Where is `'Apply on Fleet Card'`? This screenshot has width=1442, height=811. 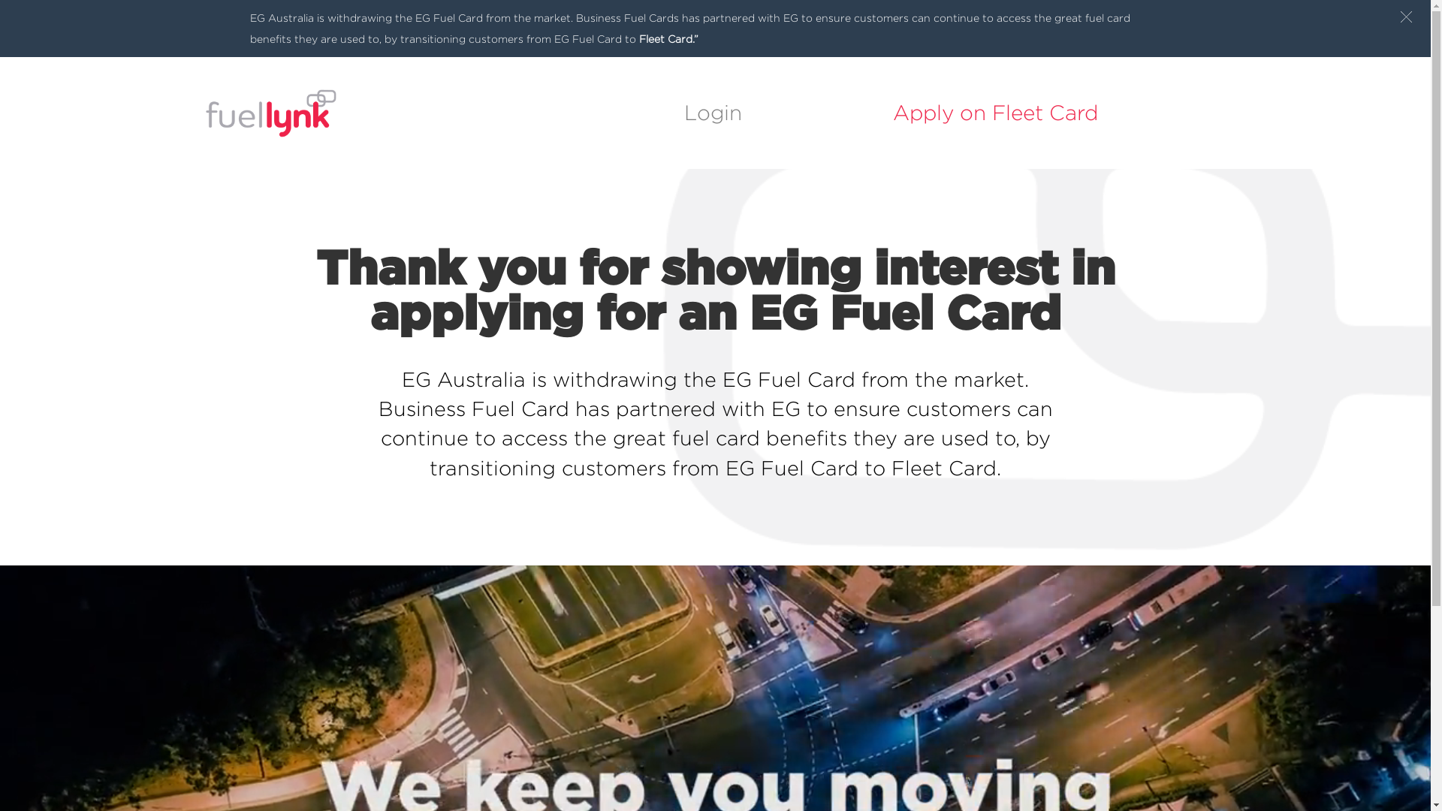 'Apply on Fleet Card' is located at coordinates (995, 112).